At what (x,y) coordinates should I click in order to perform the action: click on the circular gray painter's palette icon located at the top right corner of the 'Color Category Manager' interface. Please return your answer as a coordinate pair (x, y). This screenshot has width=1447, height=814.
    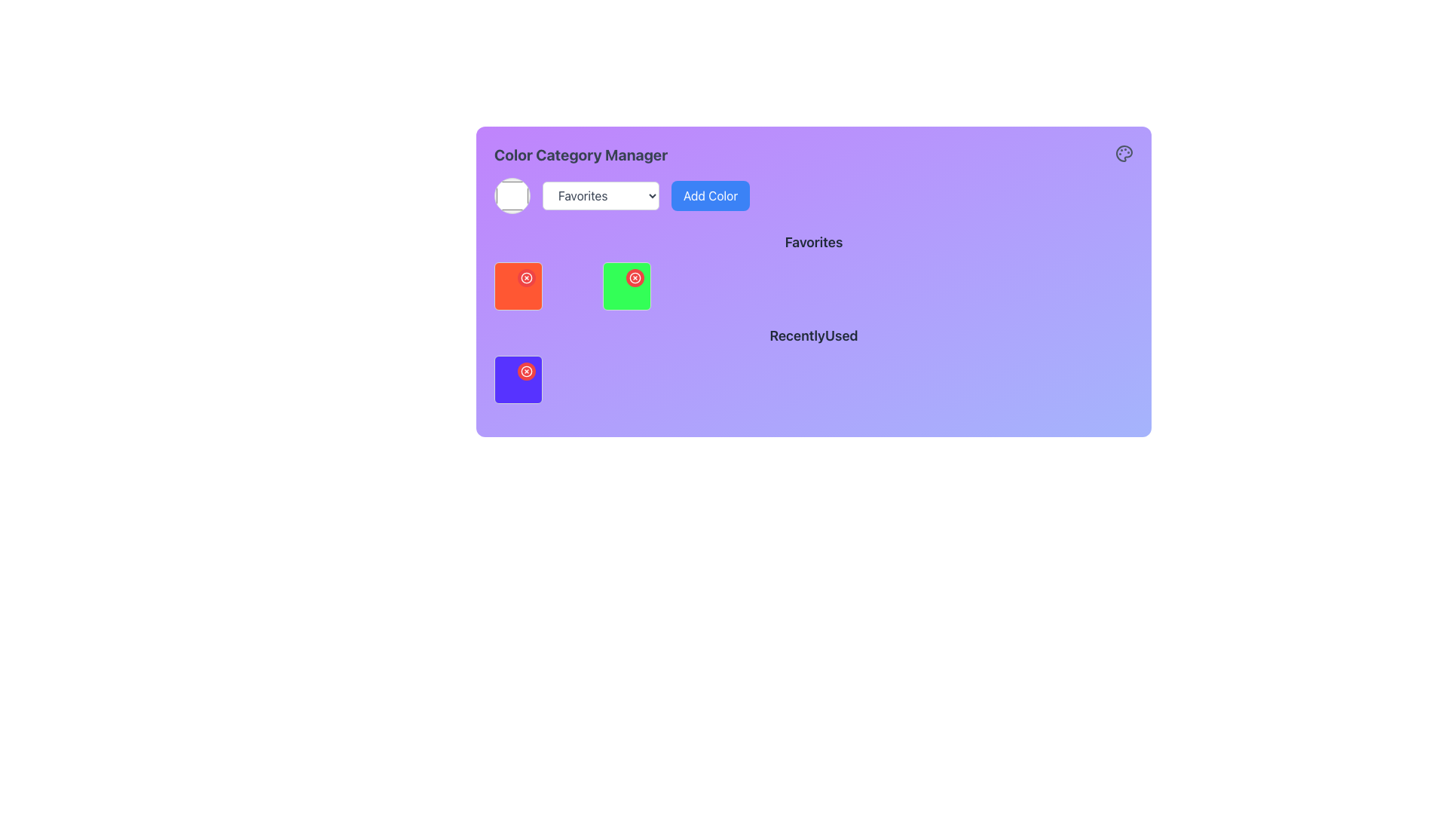
    Looking at the image, I should click on (1124, 154).